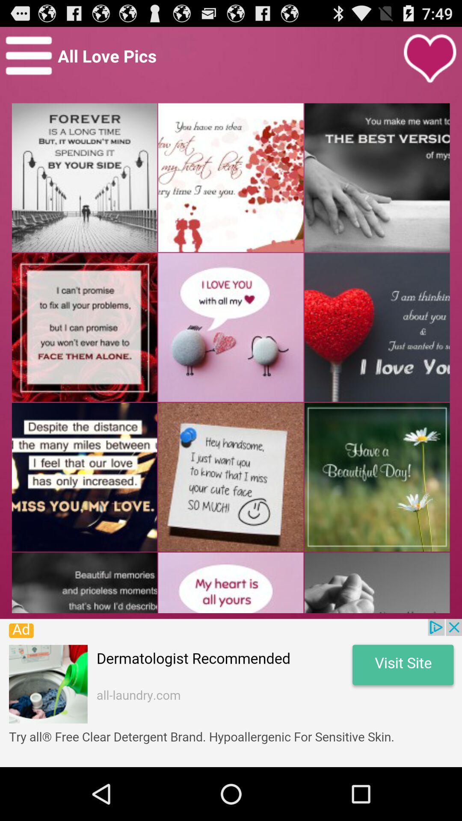 The width and height of the screenshot is (462, 821). Describe the element at coordinates (430, 58) in the screenshot. I see `it` at that location.